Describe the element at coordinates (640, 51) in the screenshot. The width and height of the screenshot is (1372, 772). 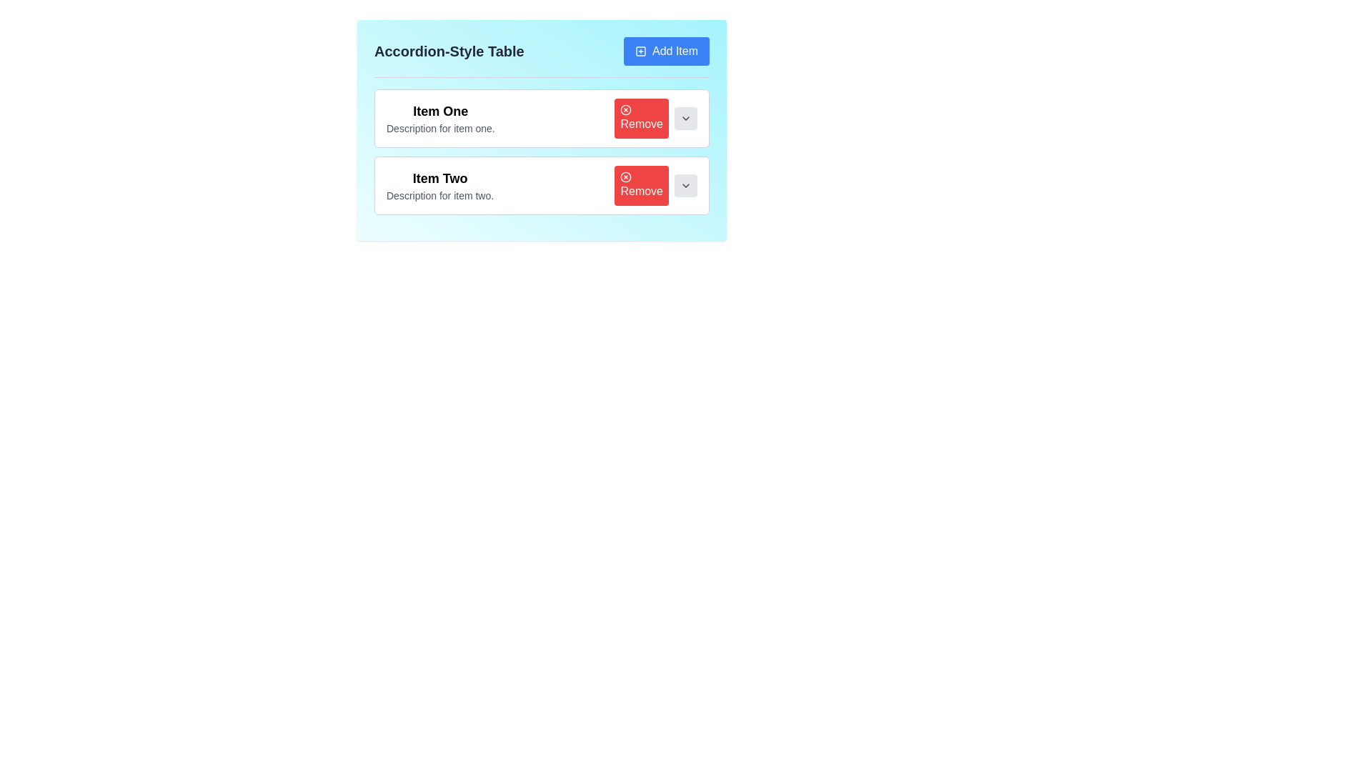
I see `the 'Add Item' button by targeting the square box within the SVG icon located in the upper-right portion of the interface panel` at that location.